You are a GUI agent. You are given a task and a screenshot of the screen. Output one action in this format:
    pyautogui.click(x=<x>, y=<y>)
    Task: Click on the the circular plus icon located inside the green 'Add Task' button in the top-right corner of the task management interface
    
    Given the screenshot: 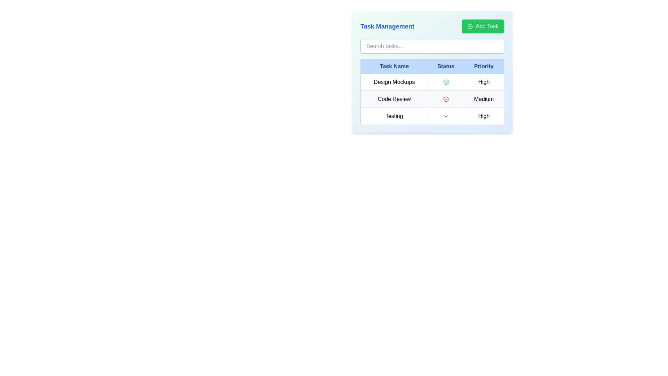 What is the action you would take?
    pyautogui.click(x=470, y=26)
    